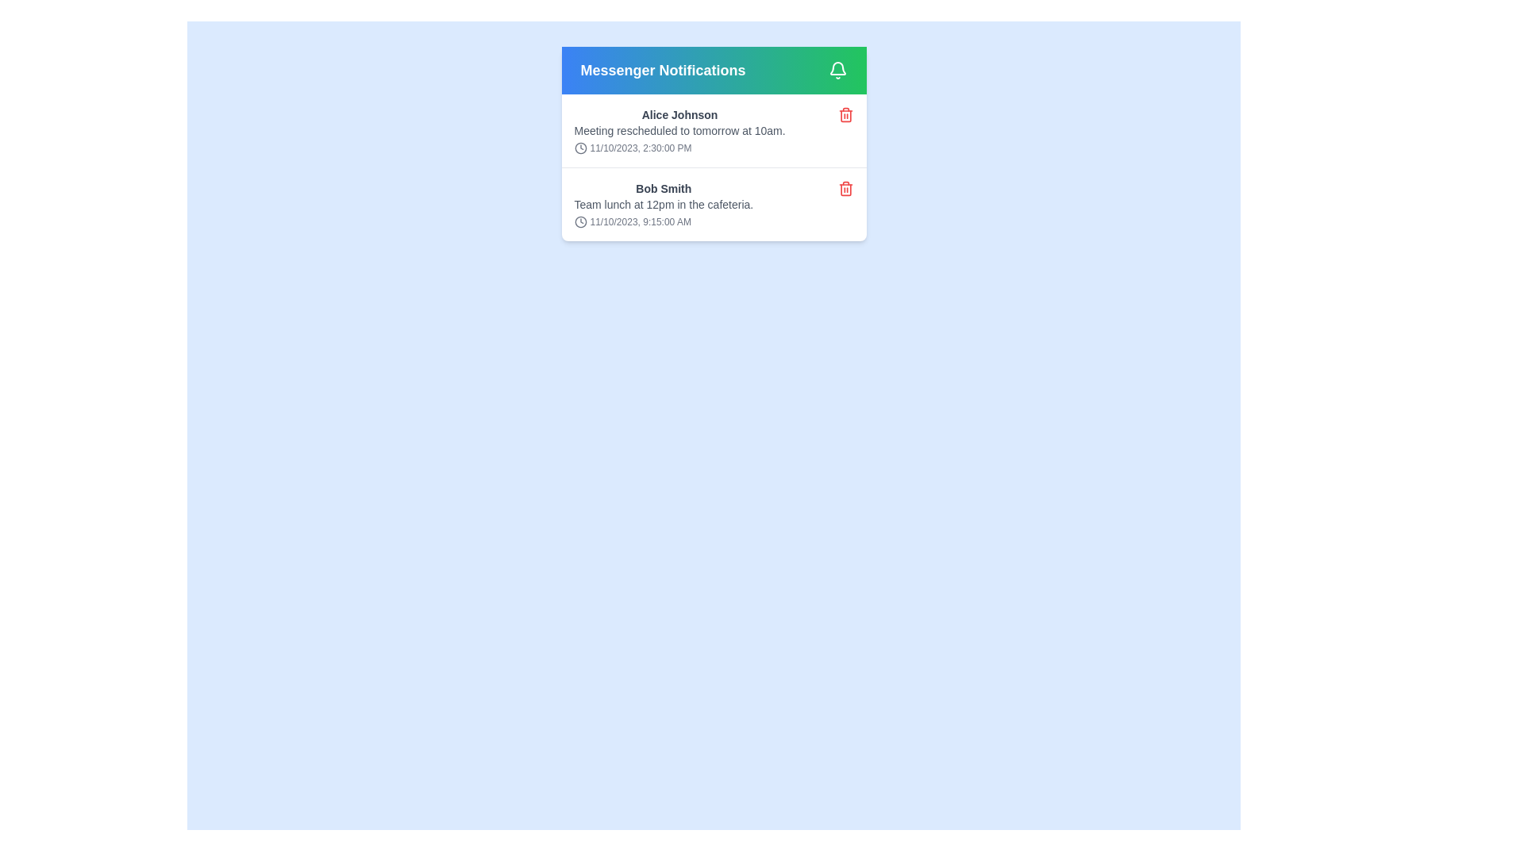  What do you see at coordinates (845, 189) in the screenshot?
I see `the rectangular body shape of the trash can icon for assistive technologies` at bounding box center [845, 189].